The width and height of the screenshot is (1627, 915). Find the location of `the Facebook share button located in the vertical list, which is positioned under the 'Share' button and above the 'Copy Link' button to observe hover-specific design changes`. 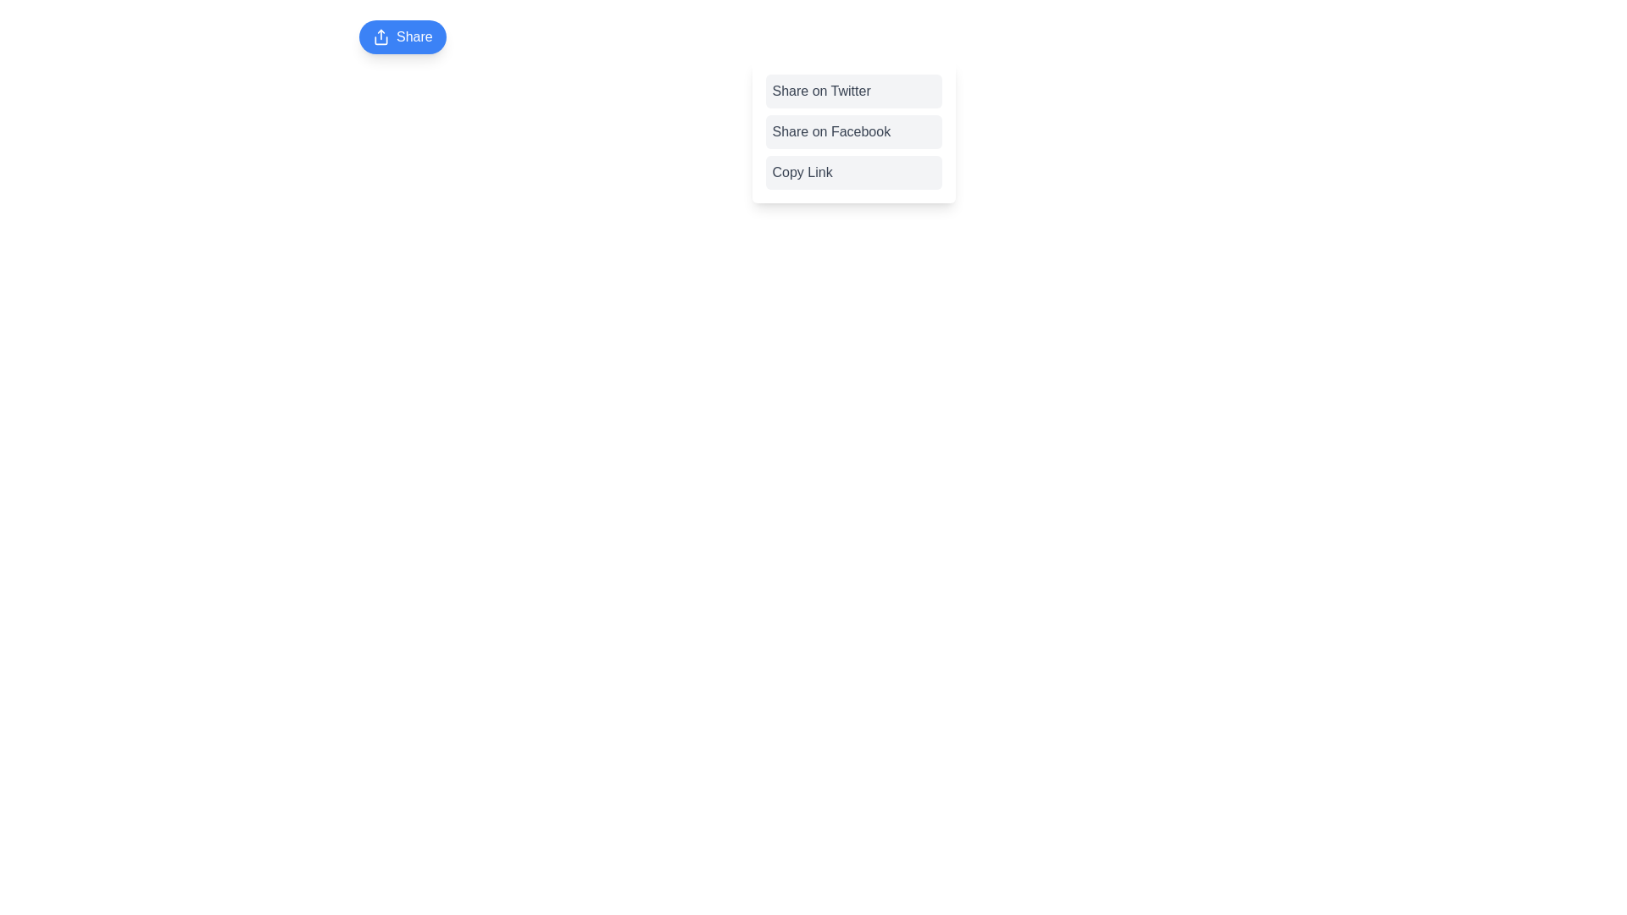

the Facebook share button located in the vertical list, which is positioned under the 'Share' button and above the 'Copy Link' button to observe hover-specific design changes is located at coordinates (853, 130).